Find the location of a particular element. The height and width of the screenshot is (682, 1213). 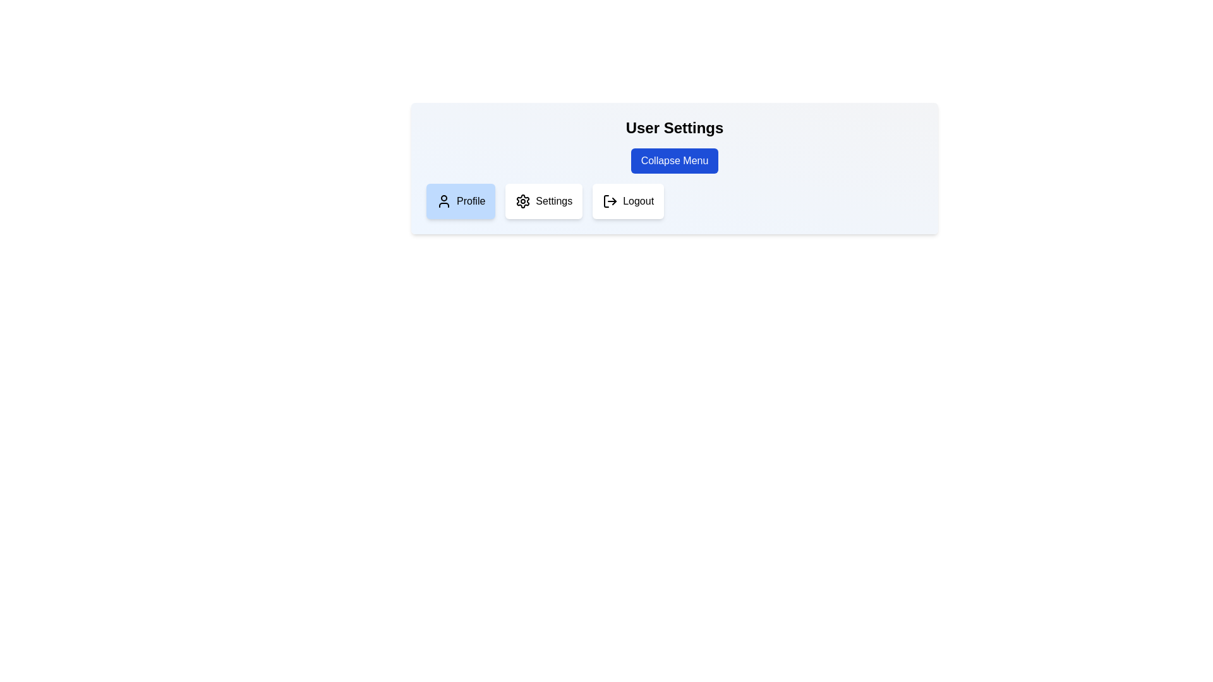

the Logout icon to interact with it is located at coordinates (610, 201).